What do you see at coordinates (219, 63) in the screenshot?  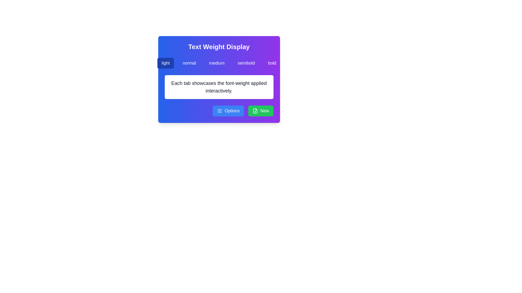 I see `the 'medium' button in the horizontal tab selector located beneath the 'Text Weight Display' heading` at bounding box center [219, 63].